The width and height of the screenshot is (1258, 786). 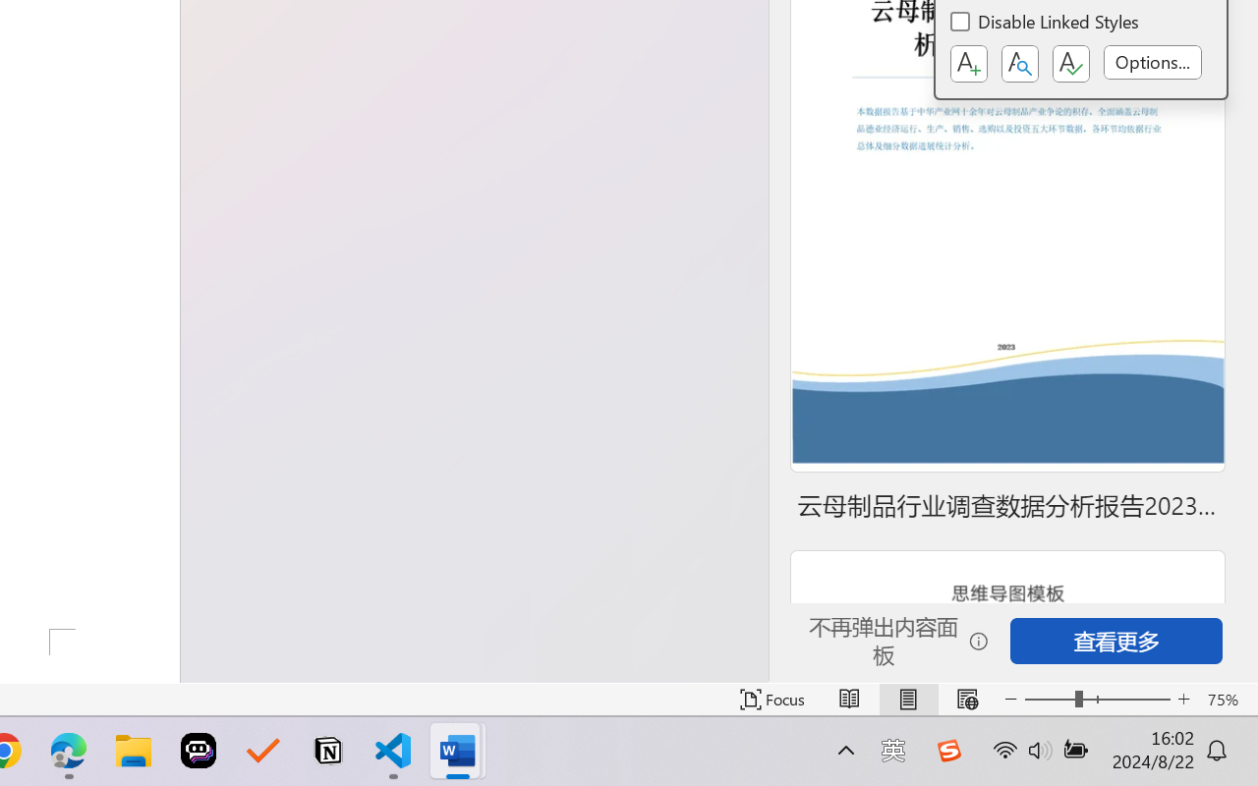 I want to click on 'Class: Image', so click(x=948, y=751).